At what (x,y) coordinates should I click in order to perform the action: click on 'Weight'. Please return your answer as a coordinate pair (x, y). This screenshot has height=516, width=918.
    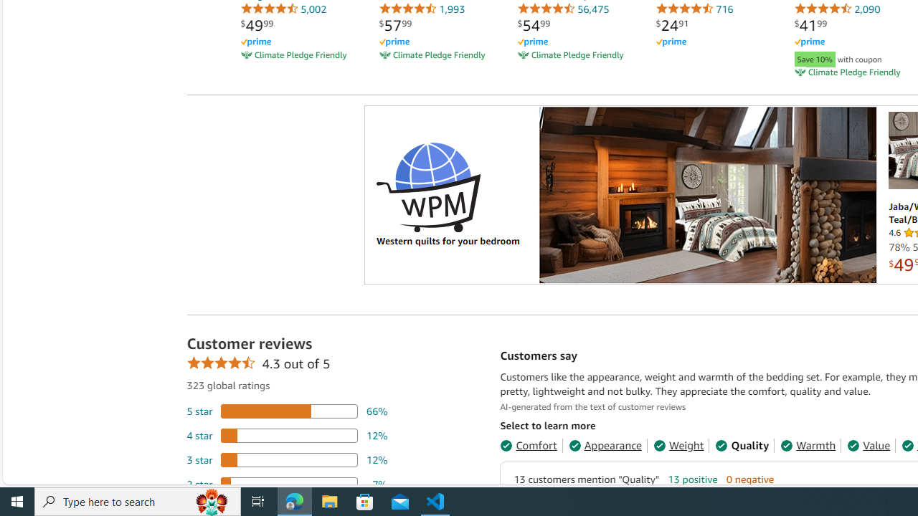
    Looking at the image, I should click on (677, 444).